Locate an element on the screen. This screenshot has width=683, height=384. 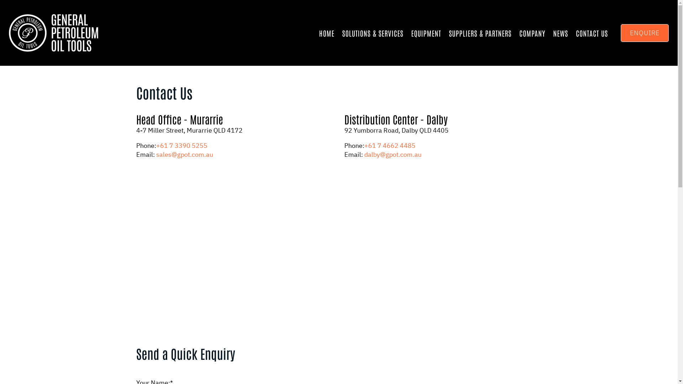
'SUPPLIERS & PARTNERS' is located at coordinates (480, 33).